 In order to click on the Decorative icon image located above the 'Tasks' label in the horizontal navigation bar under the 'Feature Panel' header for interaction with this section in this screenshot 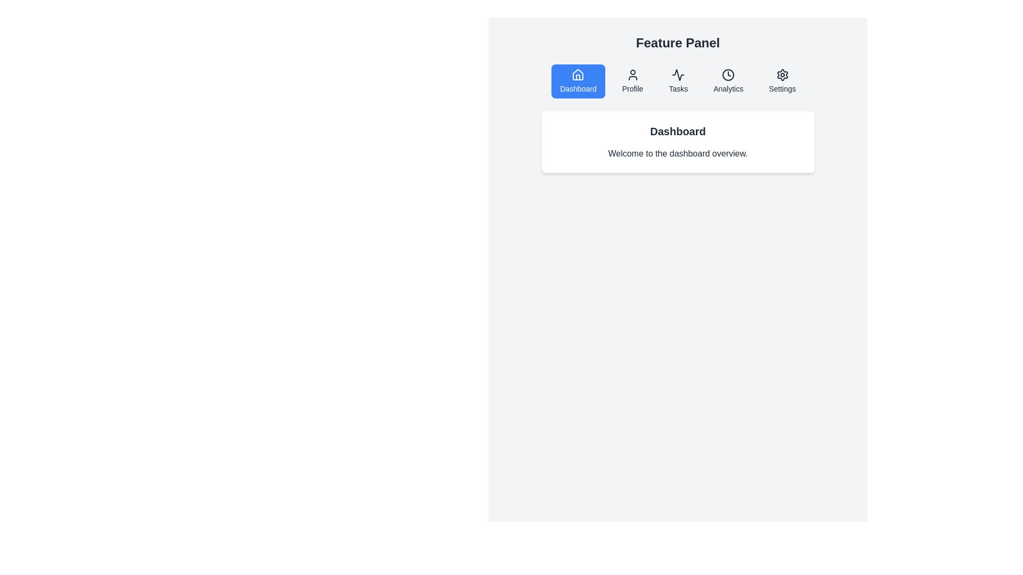, I will do `click(678, 75)`.